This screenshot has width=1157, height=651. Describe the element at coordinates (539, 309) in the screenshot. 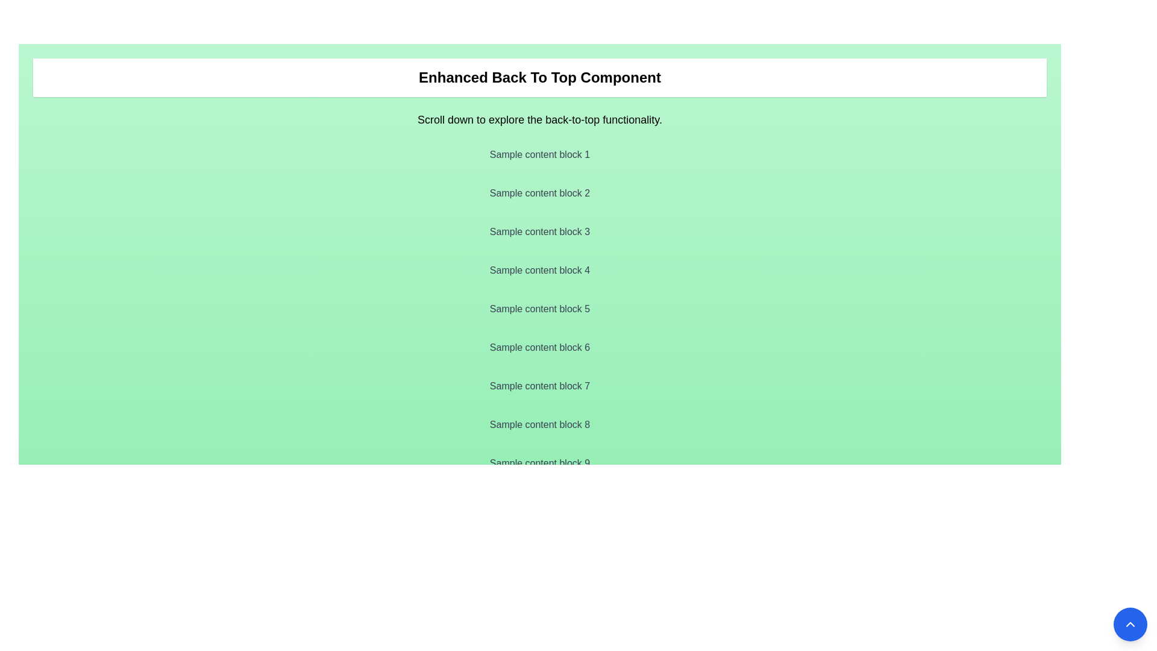

I see `the text block displaying 'Sample content block 5', which is styled with light gray text on a light green background, positioned in a vertical list of text blocks` at that location.